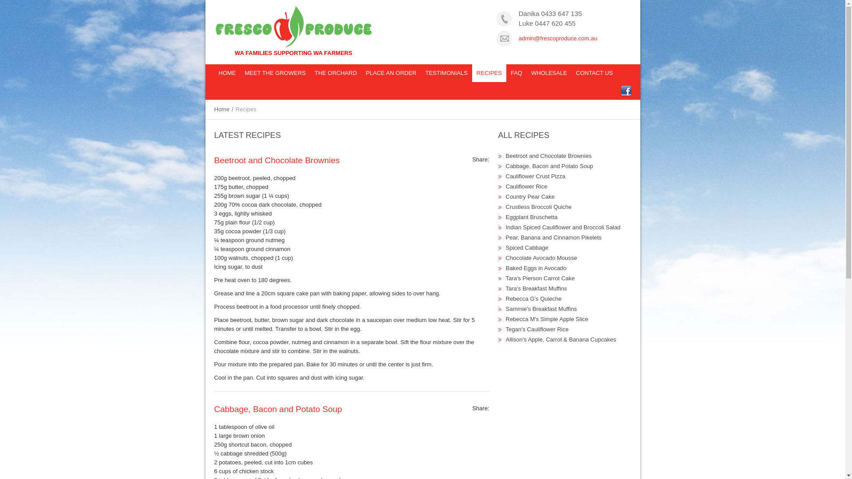  Describe the element at coordinates (549, 166) in the screenshot. I see `'Cabbage, Bacon and Potato Soup'` at that location.